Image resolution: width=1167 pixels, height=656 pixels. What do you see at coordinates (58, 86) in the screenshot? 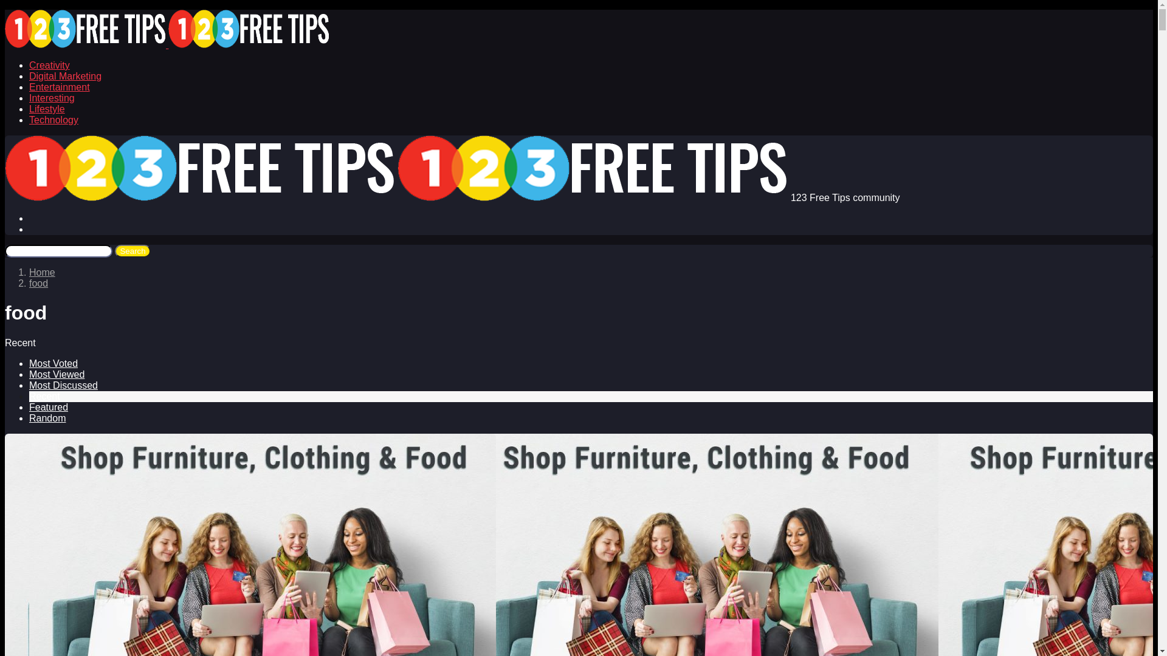
I see `'Entertainment'` at bounding box center [58, 86].